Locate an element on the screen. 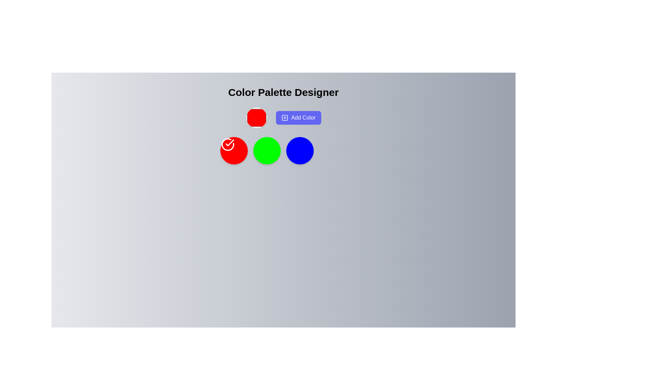  the 'Add Color' button which contains a square-shaped icon with a plus sign in the middle, styled in a minimalistic manner with a purple background is located at coordinates (285, 117).